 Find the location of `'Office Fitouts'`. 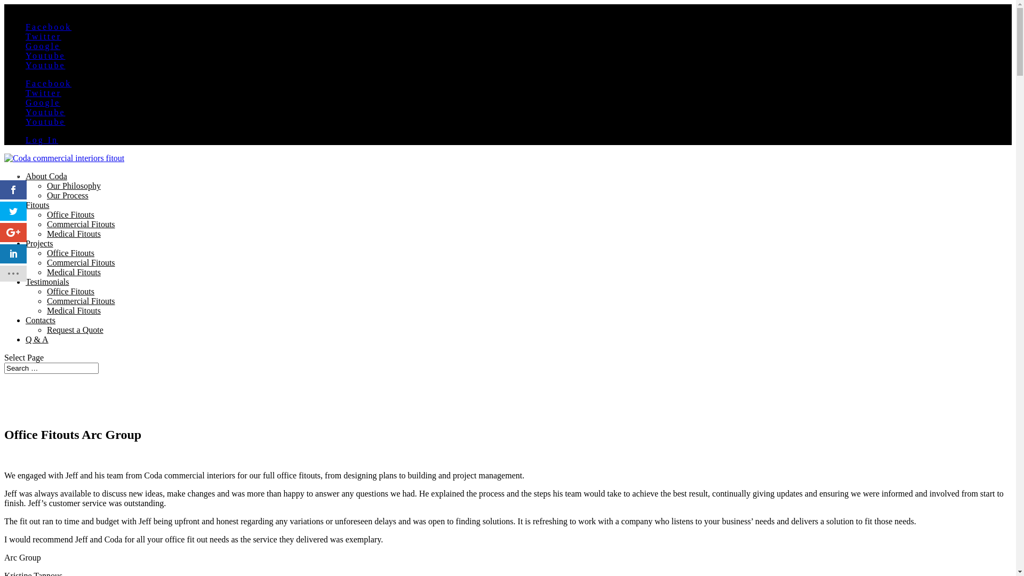

'Office Fitouts' is located at coordinates (46, 214).